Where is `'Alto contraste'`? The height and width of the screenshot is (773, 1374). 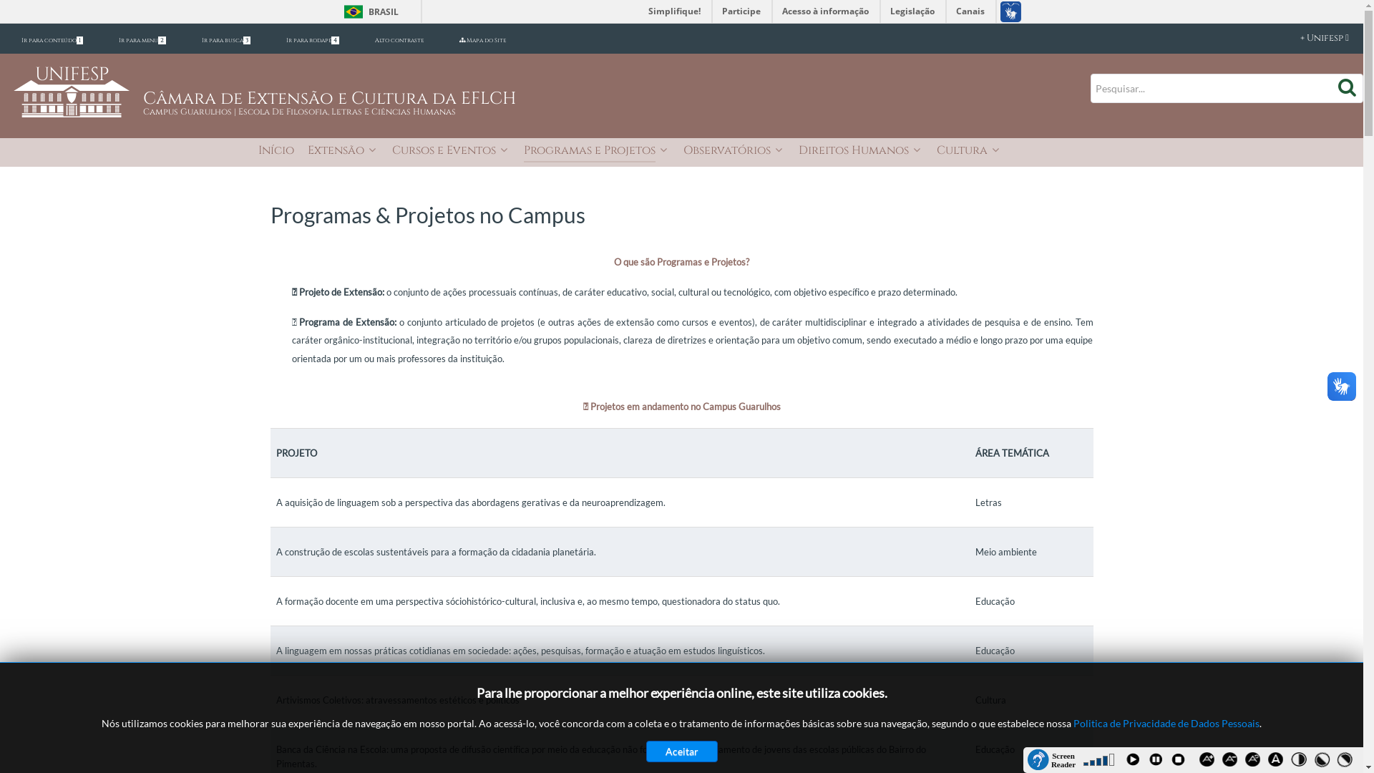 'Alto contraste' is located at coordinates (399, 39).